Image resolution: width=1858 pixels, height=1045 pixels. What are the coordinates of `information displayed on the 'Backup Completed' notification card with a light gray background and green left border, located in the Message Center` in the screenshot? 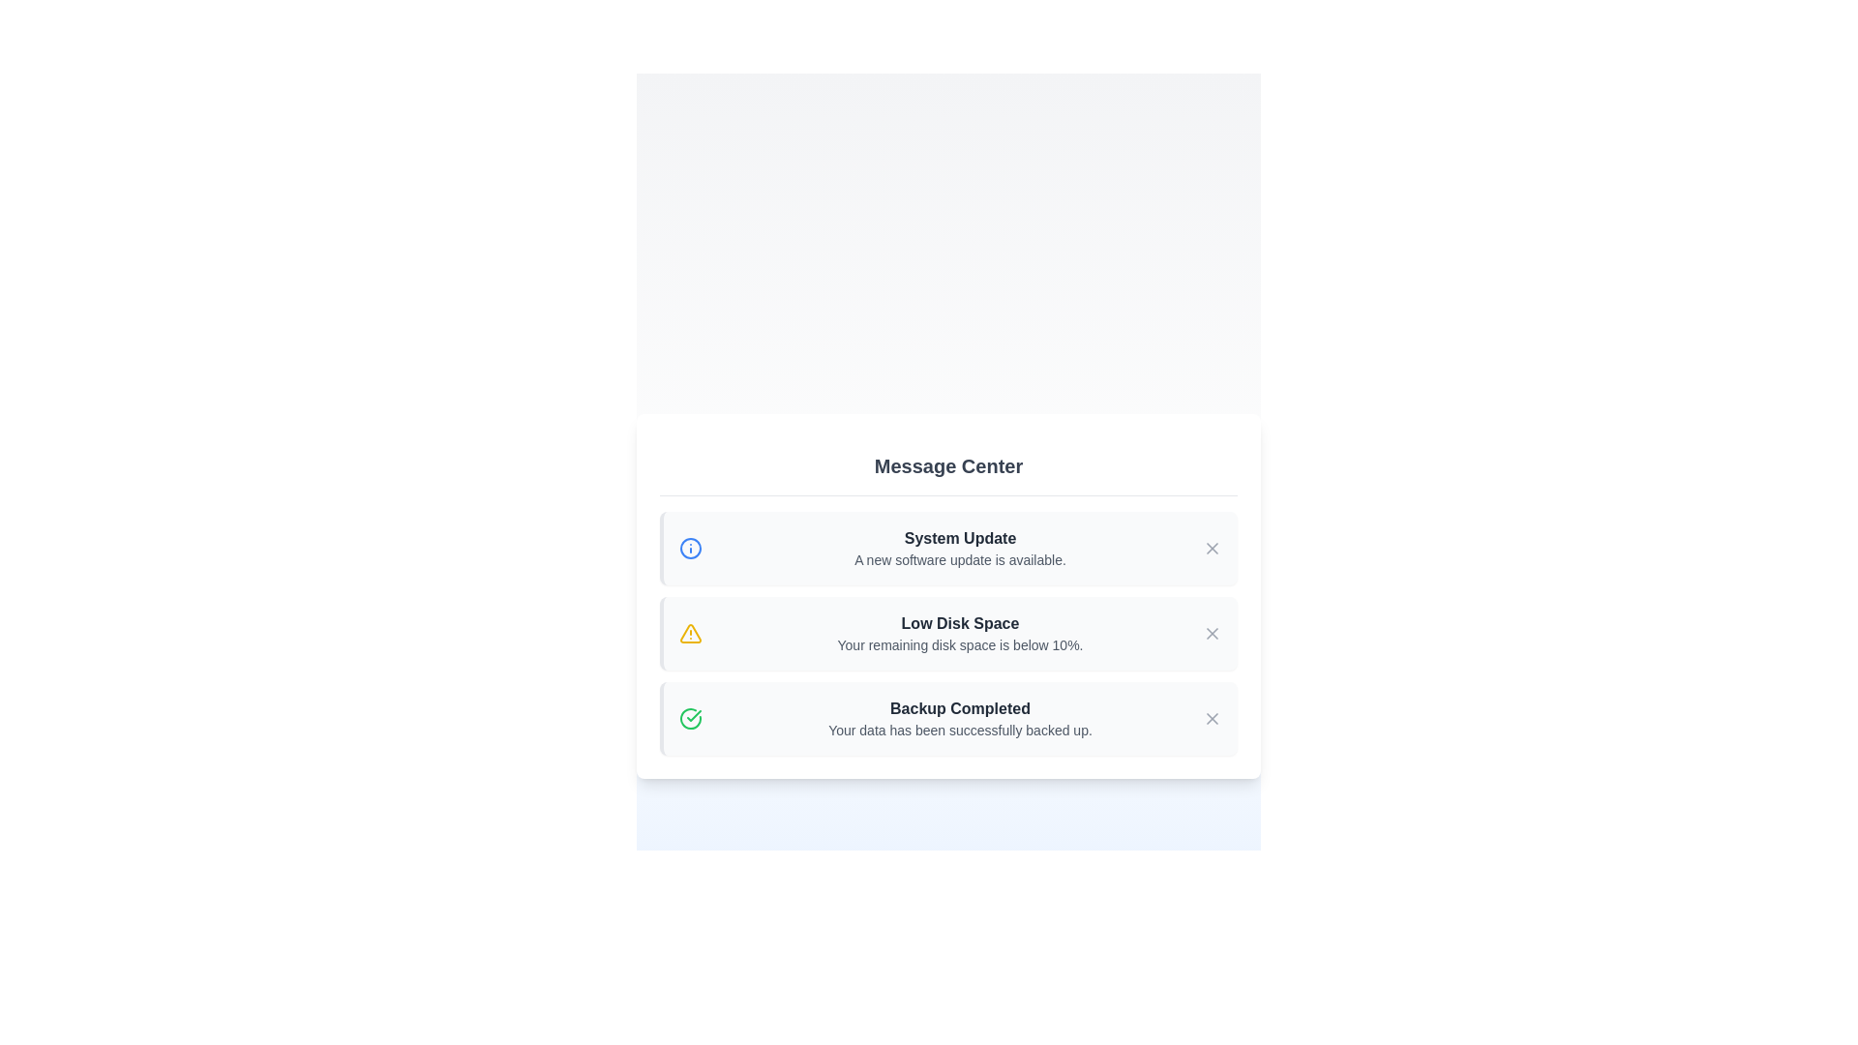 It's located at (948, 718).